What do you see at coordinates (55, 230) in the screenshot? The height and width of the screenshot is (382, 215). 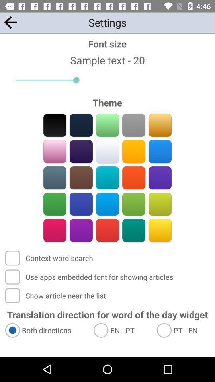 I see `a color` at bounding box center [55, 230].